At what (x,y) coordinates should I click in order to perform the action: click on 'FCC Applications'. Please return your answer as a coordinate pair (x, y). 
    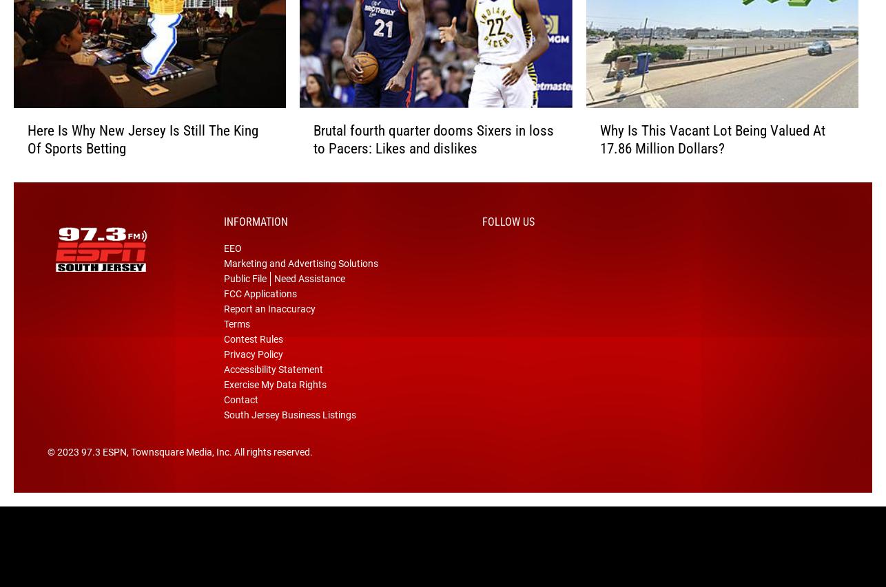
    Looking at the image, I should click on (259, 314).